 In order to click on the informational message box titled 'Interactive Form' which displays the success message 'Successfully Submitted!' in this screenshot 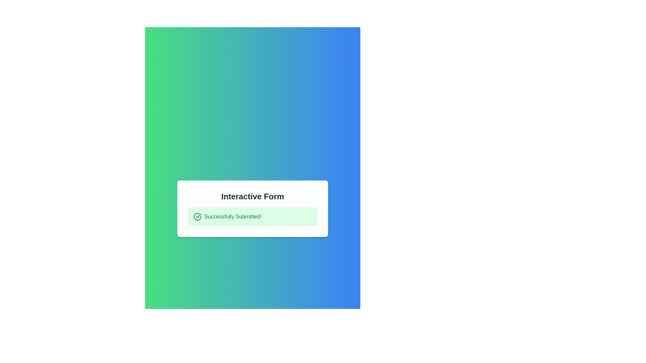, I will do `click(252, 208)`.